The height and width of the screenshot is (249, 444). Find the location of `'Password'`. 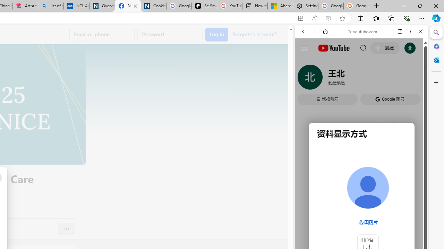

'Password' is located at coordinates (170, 35).